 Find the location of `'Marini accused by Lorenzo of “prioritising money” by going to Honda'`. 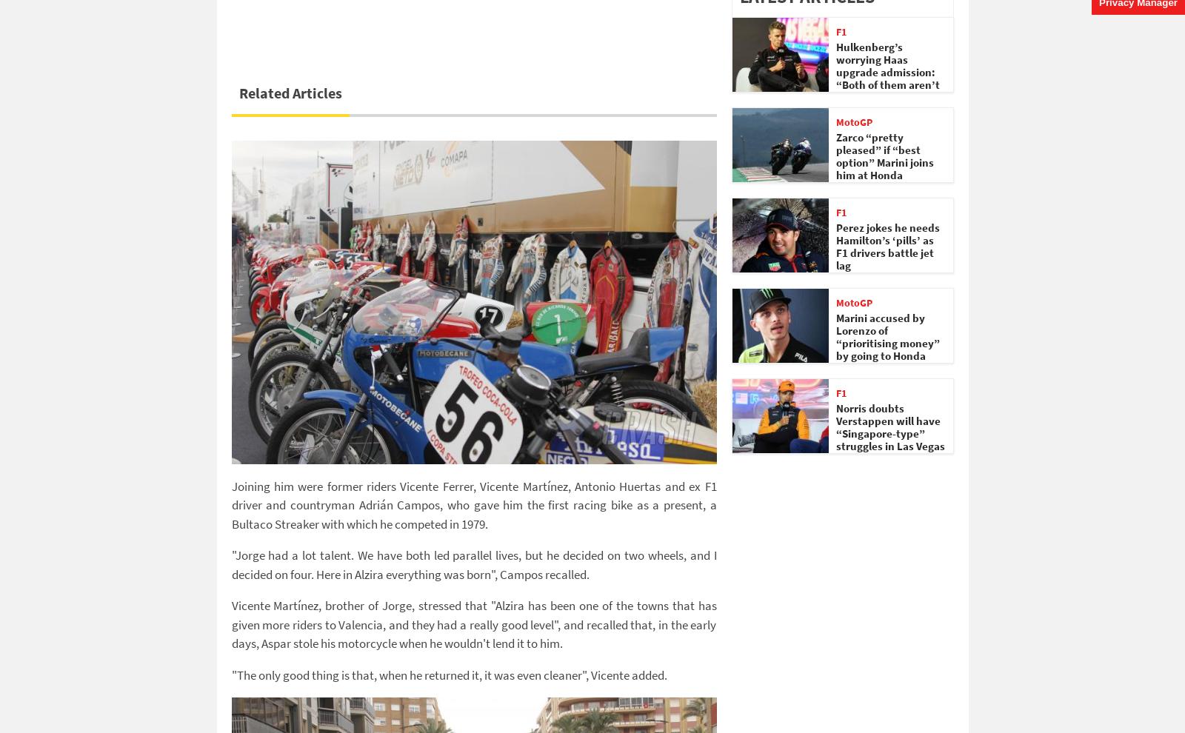

'Marini accused by Lorenzo of “prioritising money” by going to Honda' is located at coordinates (887, 337).